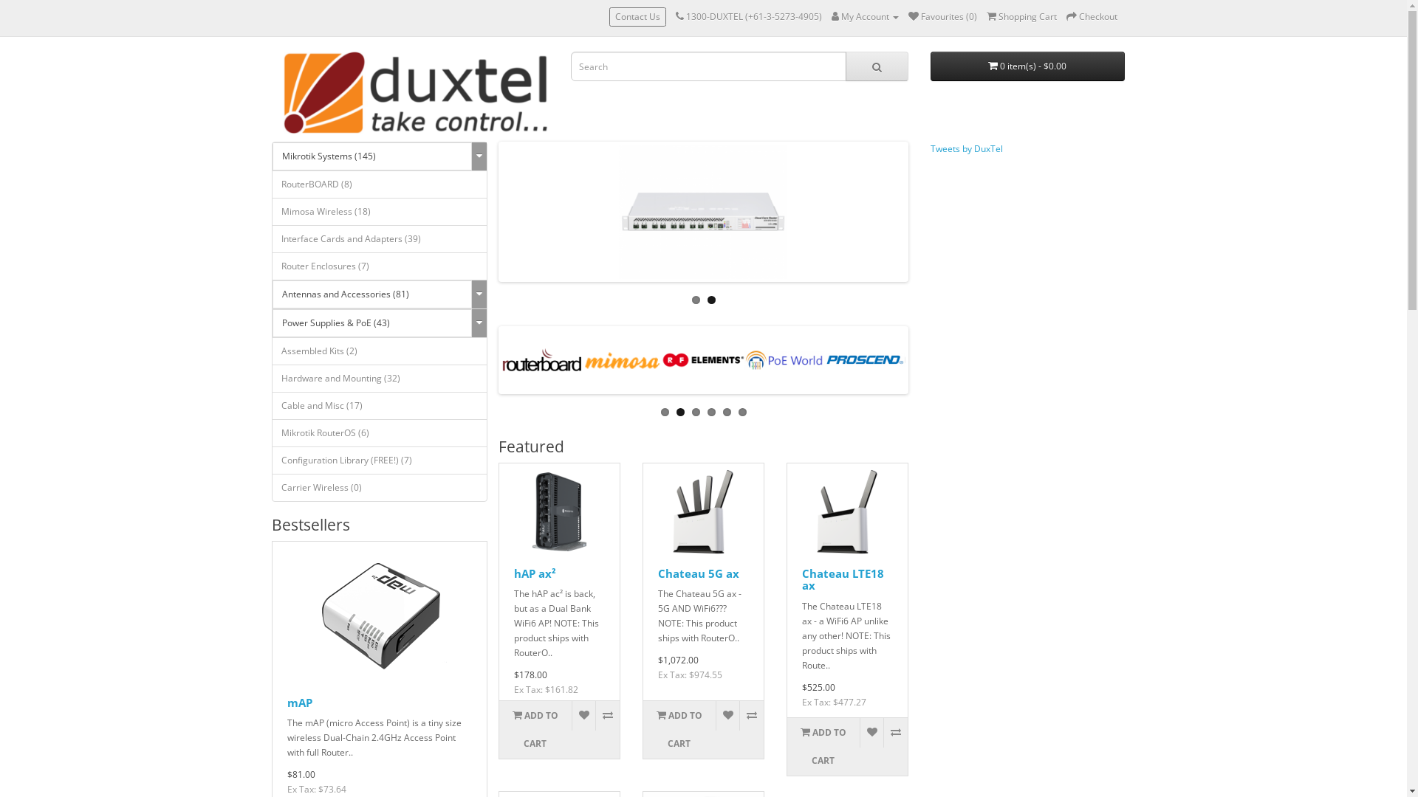  Describe the element at coordinates (272, 294) in the screenshot. I see `'Antennas and Accessories (81)'` at that location.